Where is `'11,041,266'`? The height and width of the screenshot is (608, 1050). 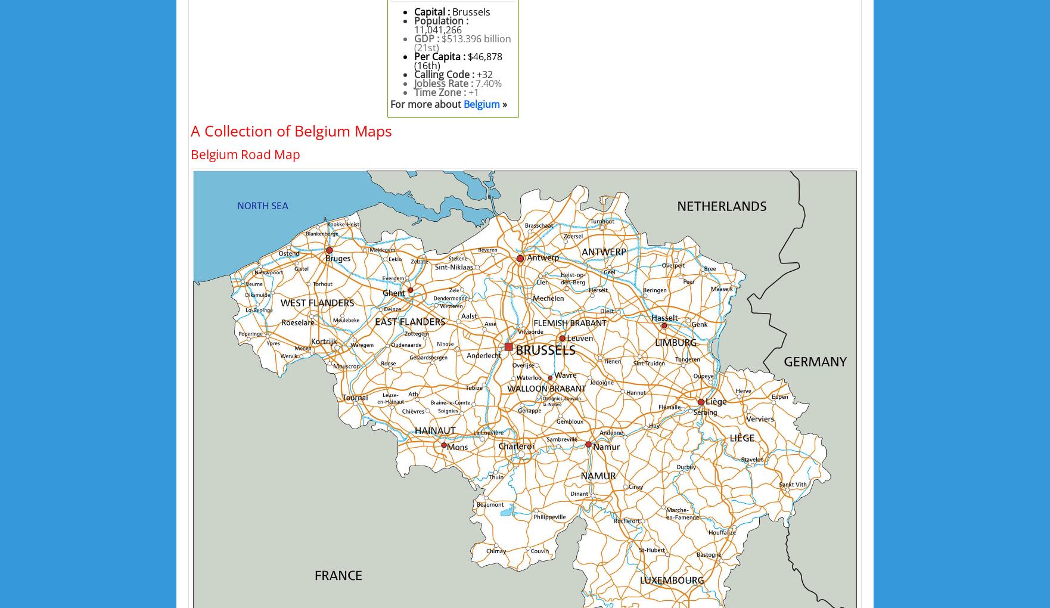
'11,041,266' is located at coordinates (437, 29).